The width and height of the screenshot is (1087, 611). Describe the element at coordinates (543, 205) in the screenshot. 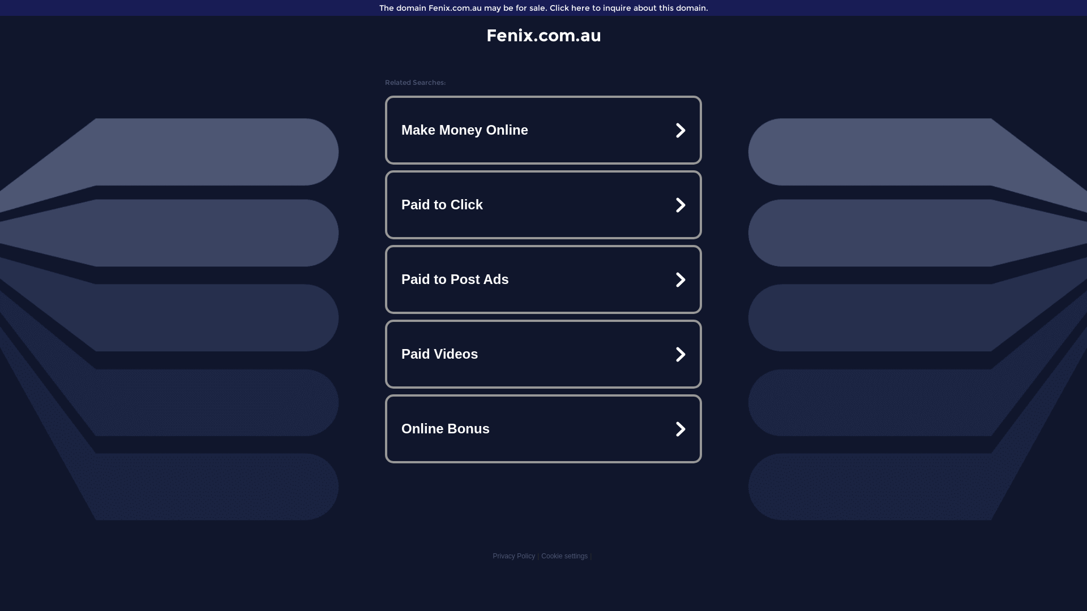

I see `'Paid to Click'` at that location.